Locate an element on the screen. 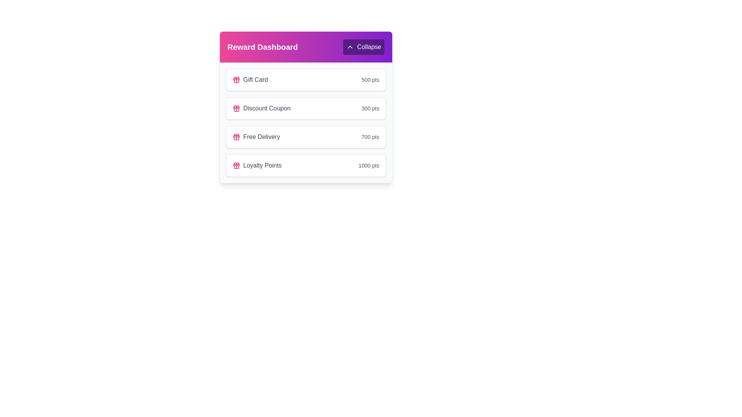  the 'Discount Coupon' label with icon for keyboard navigation is located at coordinates (261, 108).